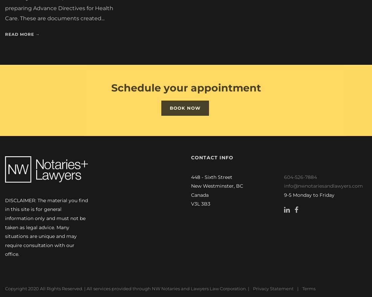  I want to click on 'Read More →', so click(22, 32).